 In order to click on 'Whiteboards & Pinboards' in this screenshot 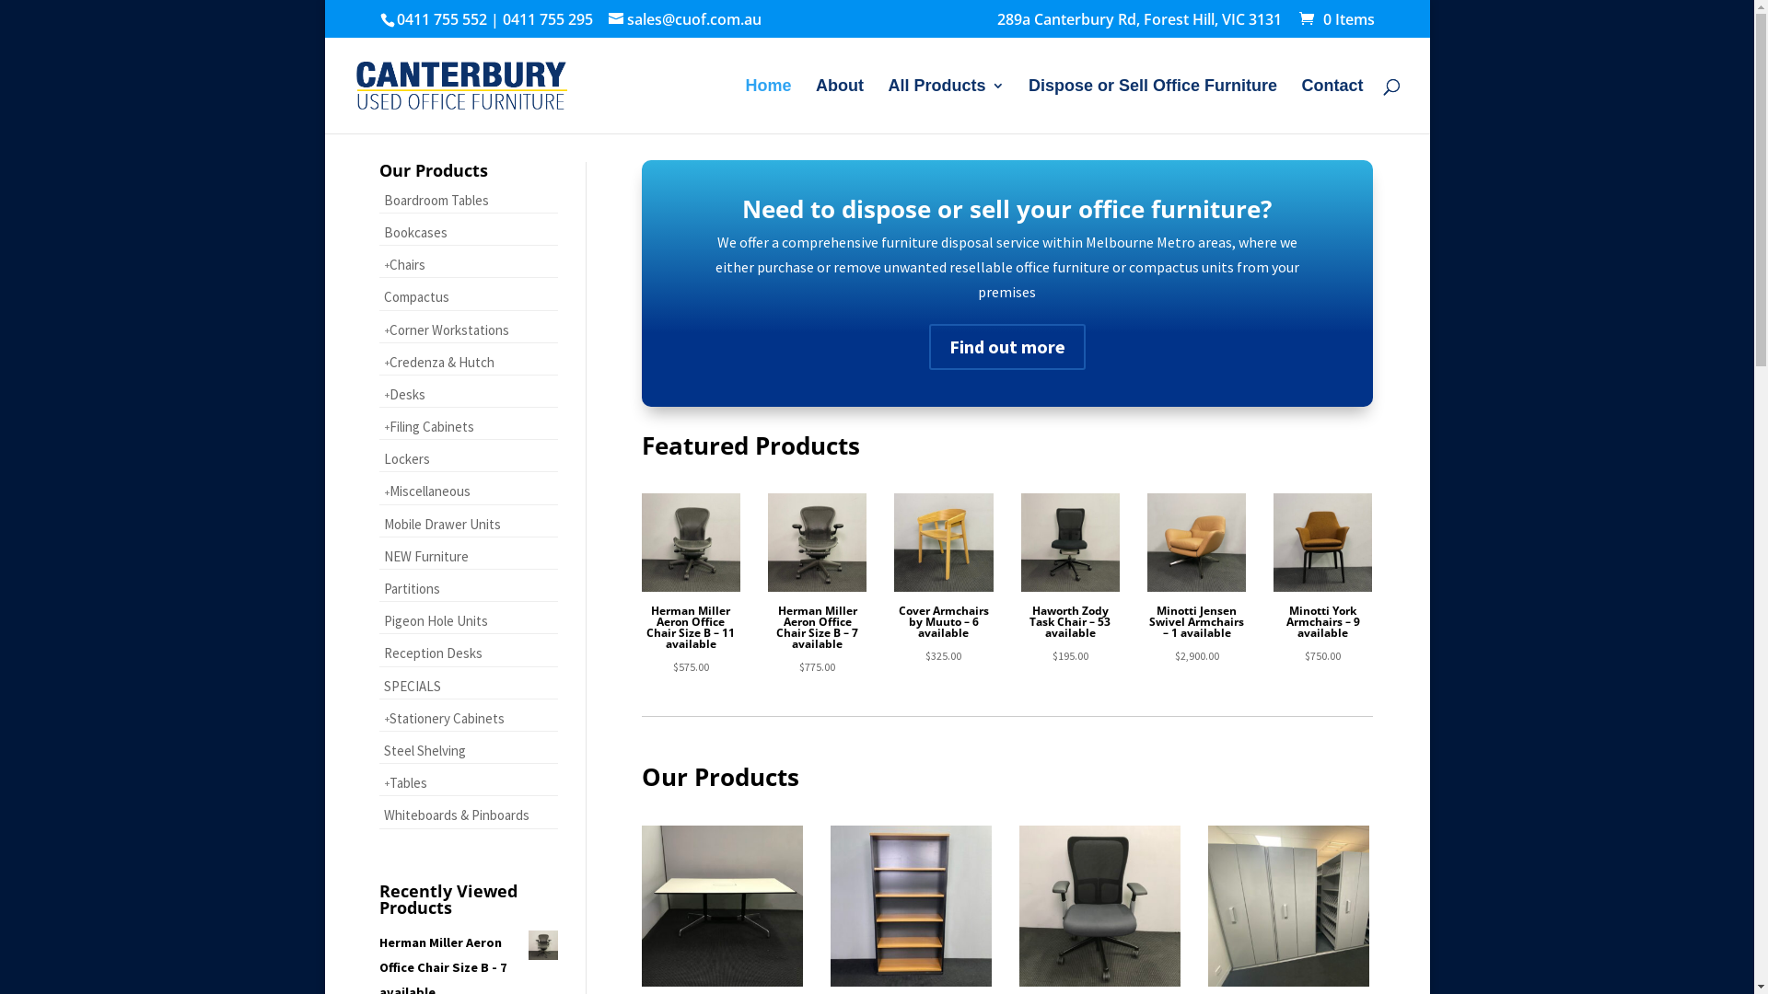, I will do `click(378, 814)`.